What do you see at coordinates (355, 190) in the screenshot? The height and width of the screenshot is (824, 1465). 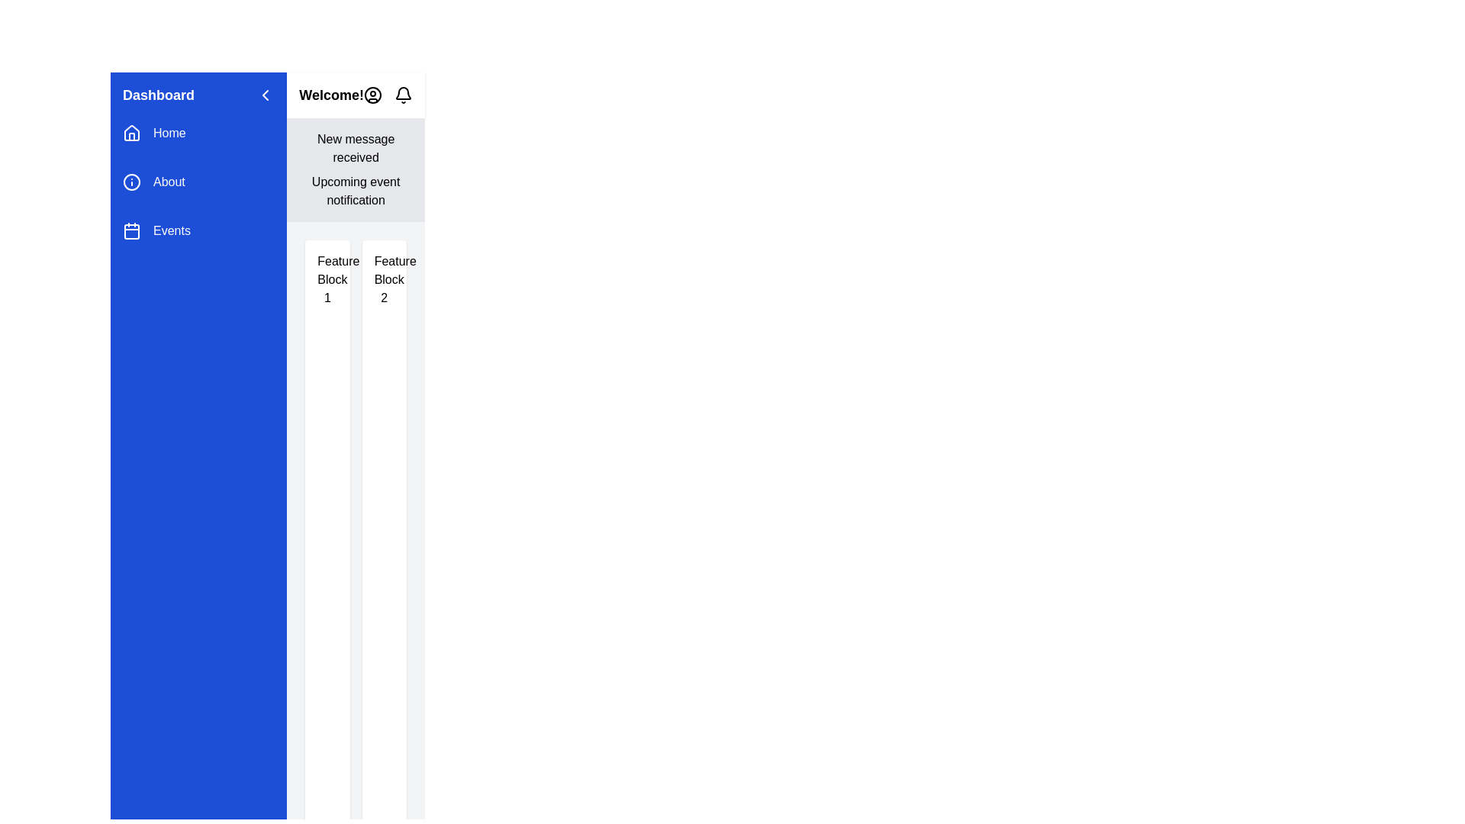 I see `the static text label that reads 'Upcoming event notification', which is located underneath 'New message received' in the right-hand content section` at bounding box center [355, 190].